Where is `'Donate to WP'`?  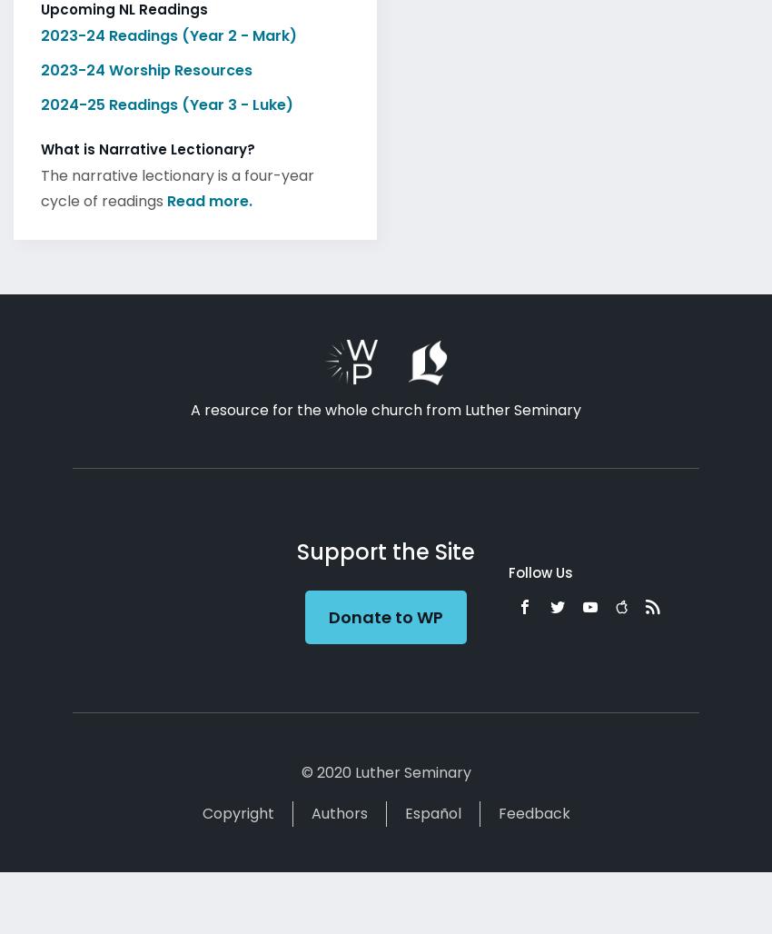 'Donate to WP' is located at coordinates (384, 611).